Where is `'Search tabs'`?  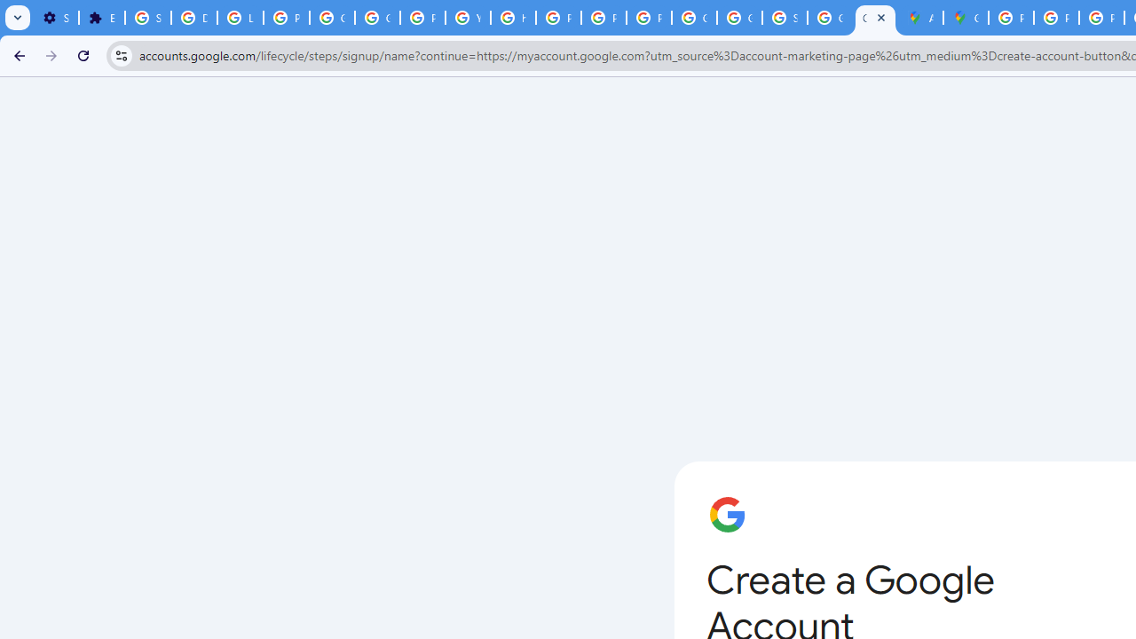 'Search tabs' is located at coordinates (18, 18).